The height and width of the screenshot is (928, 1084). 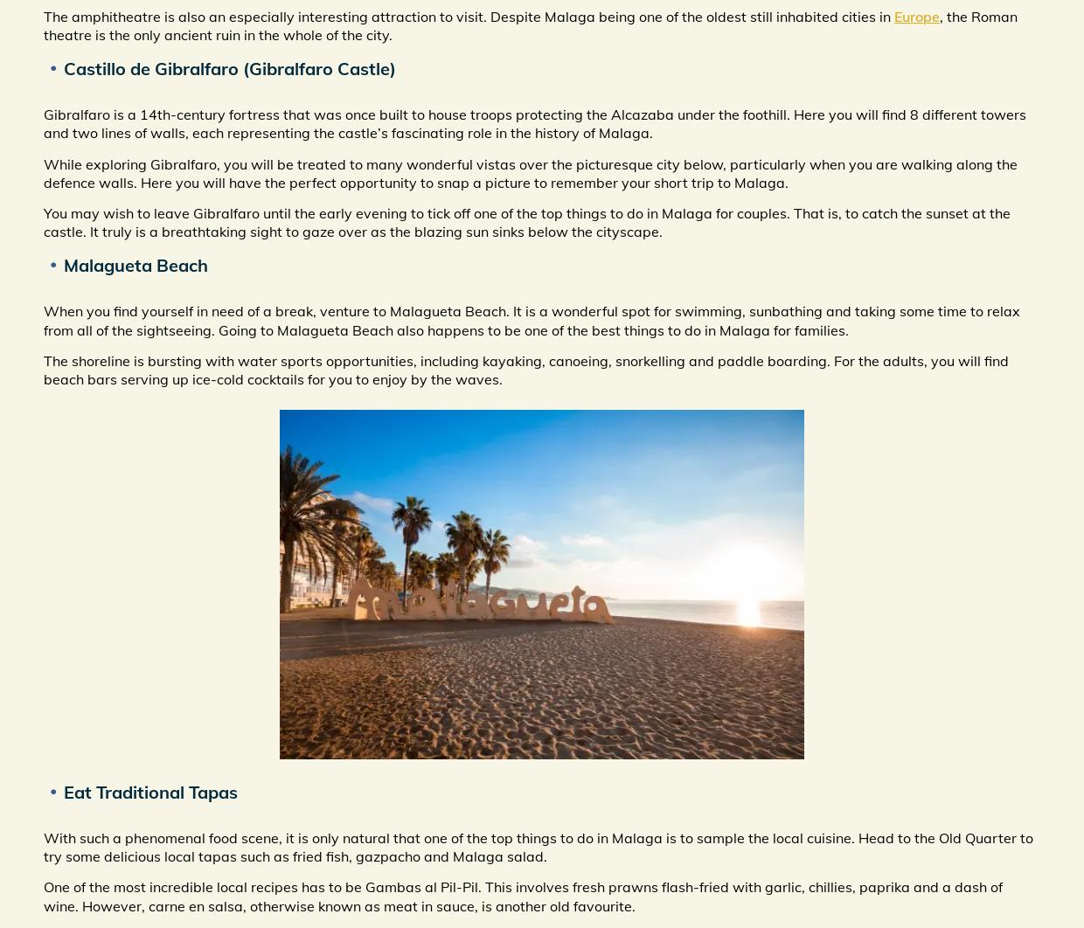 What do you see at coordinates (42, 845) in the screenshot?
I see `'With such a phenomenal food scene, it is only natural that one of the top things to do in Malaga is to sample the local cuisine. Head to the Old Quarter to try some delicious local tapas such as fried fish, gazpacho and Malaga salad.'` at bounding box center [42, 845].